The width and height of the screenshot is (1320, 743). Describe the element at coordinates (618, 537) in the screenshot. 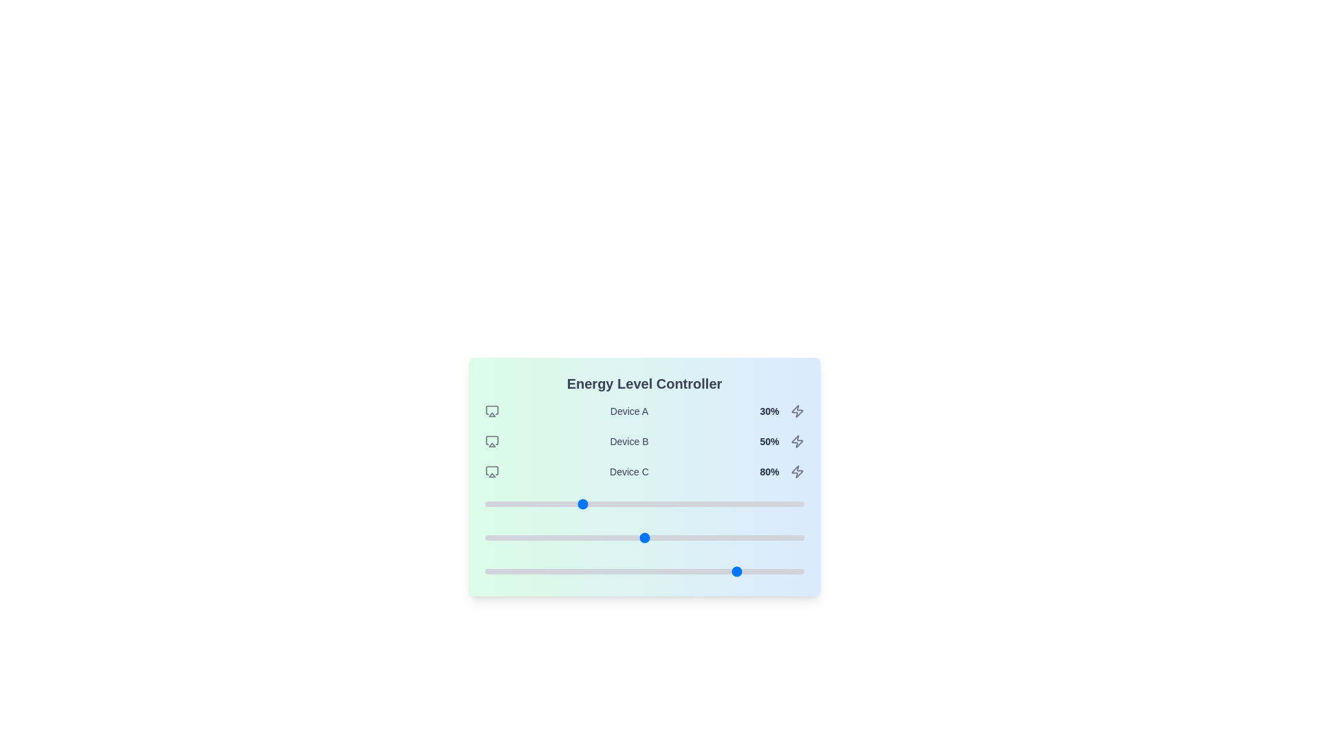

I see `the slider for Device B to set its energy level to 42%` at that location.